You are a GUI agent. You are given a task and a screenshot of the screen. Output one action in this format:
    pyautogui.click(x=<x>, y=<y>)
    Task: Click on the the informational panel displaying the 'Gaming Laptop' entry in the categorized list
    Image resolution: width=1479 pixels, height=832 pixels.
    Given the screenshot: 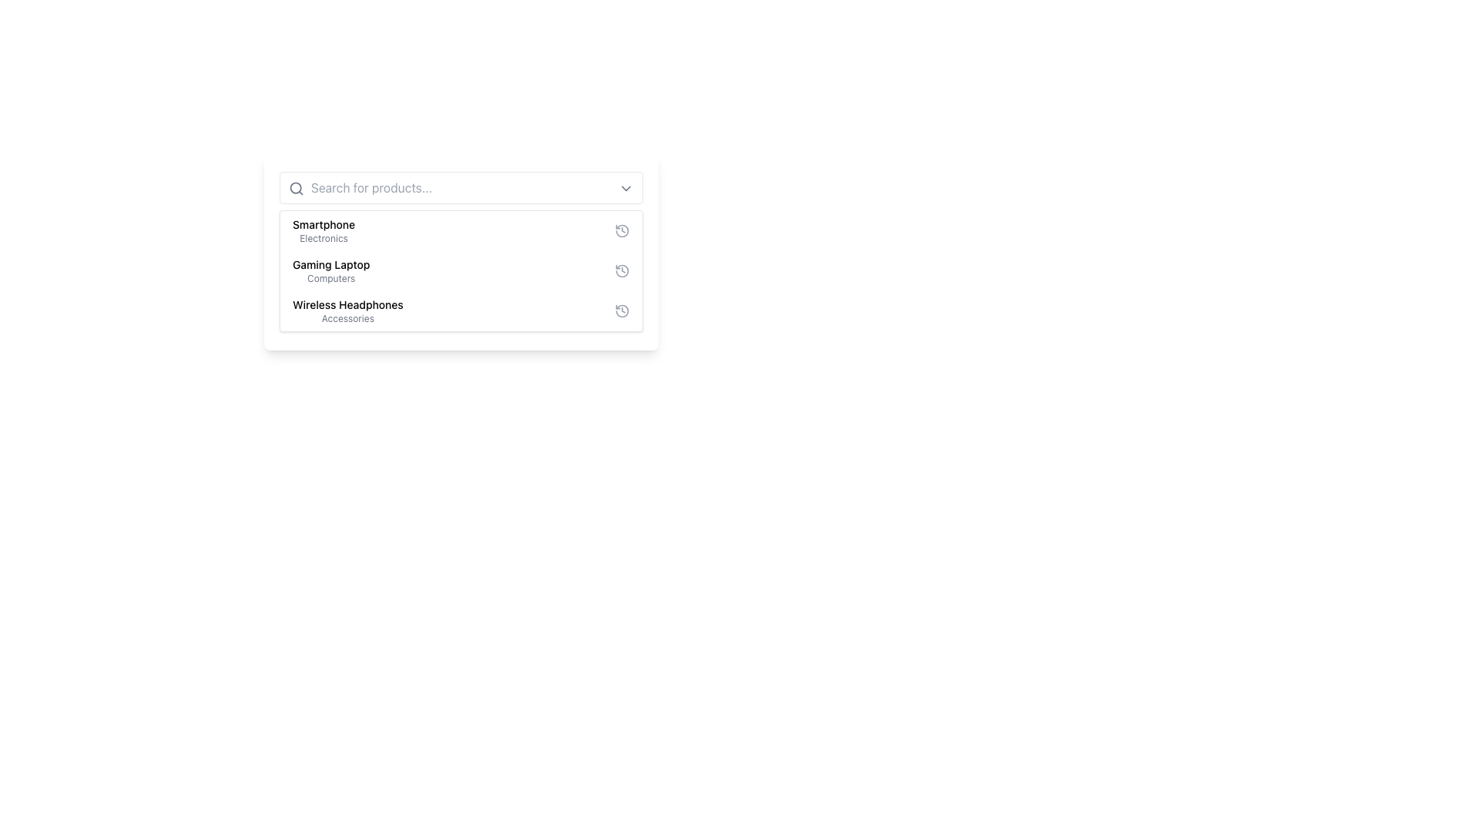 What is the action you would take?
    pyautogui.click(x=461, y=270)
    